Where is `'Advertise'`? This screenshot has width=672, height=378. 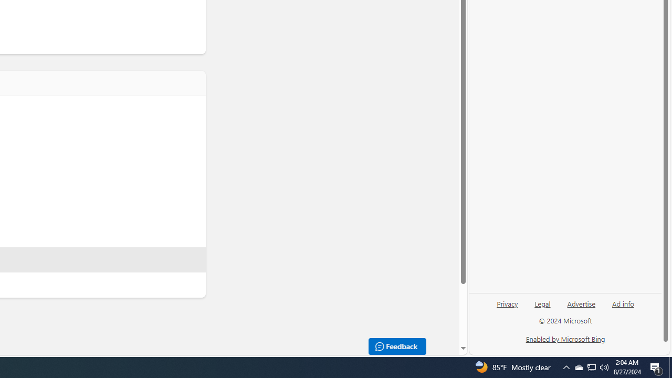
'Advertise' is located at coordinates (581, 307).